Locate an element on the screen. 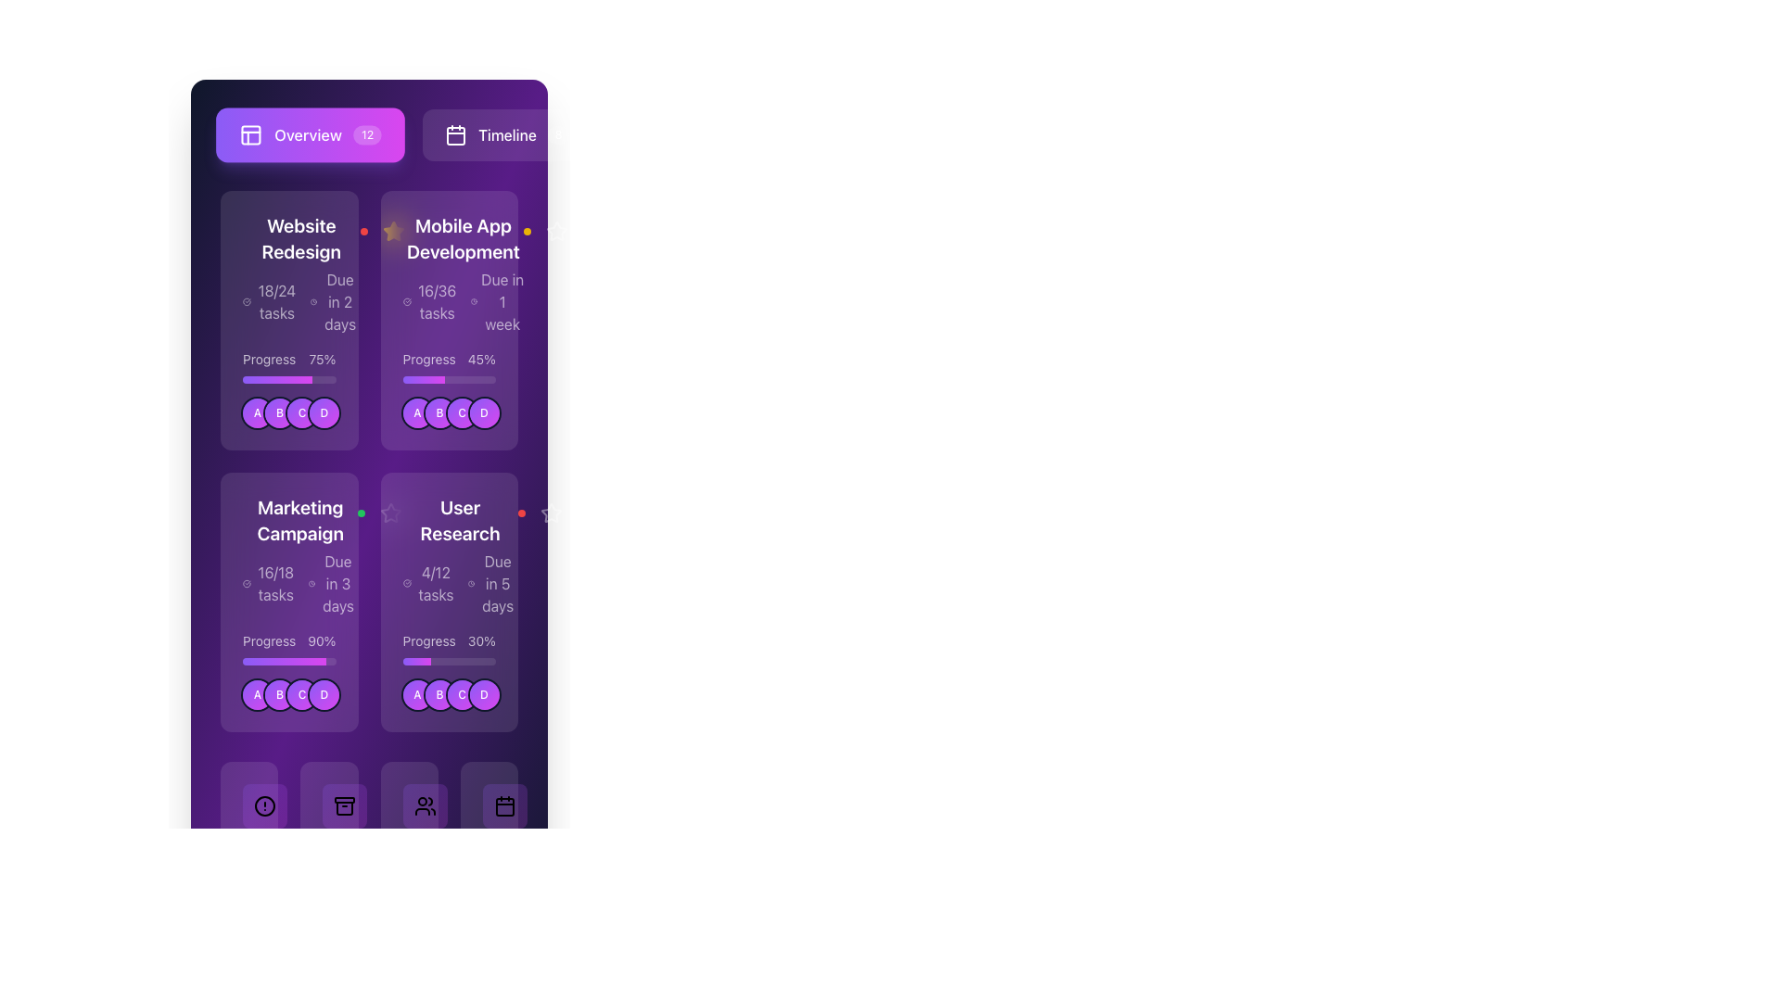 The width and height of the screenshot is (1780, 1001). the purple rectangular button labeled 'Overview' with a notification badge indicating '12' is located at coordinates (369, 134).